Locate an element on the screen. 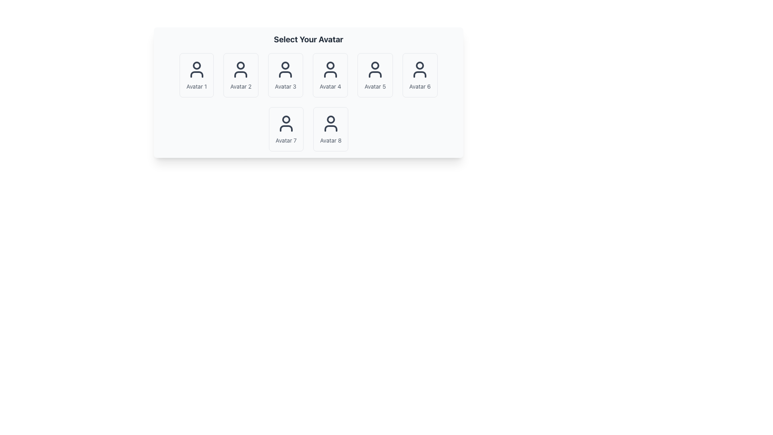  the decorative SVG circle representing the head in the user icon of 'Avatar 7', located in the lower row, second column from the left is located at coordinates (286, 120).